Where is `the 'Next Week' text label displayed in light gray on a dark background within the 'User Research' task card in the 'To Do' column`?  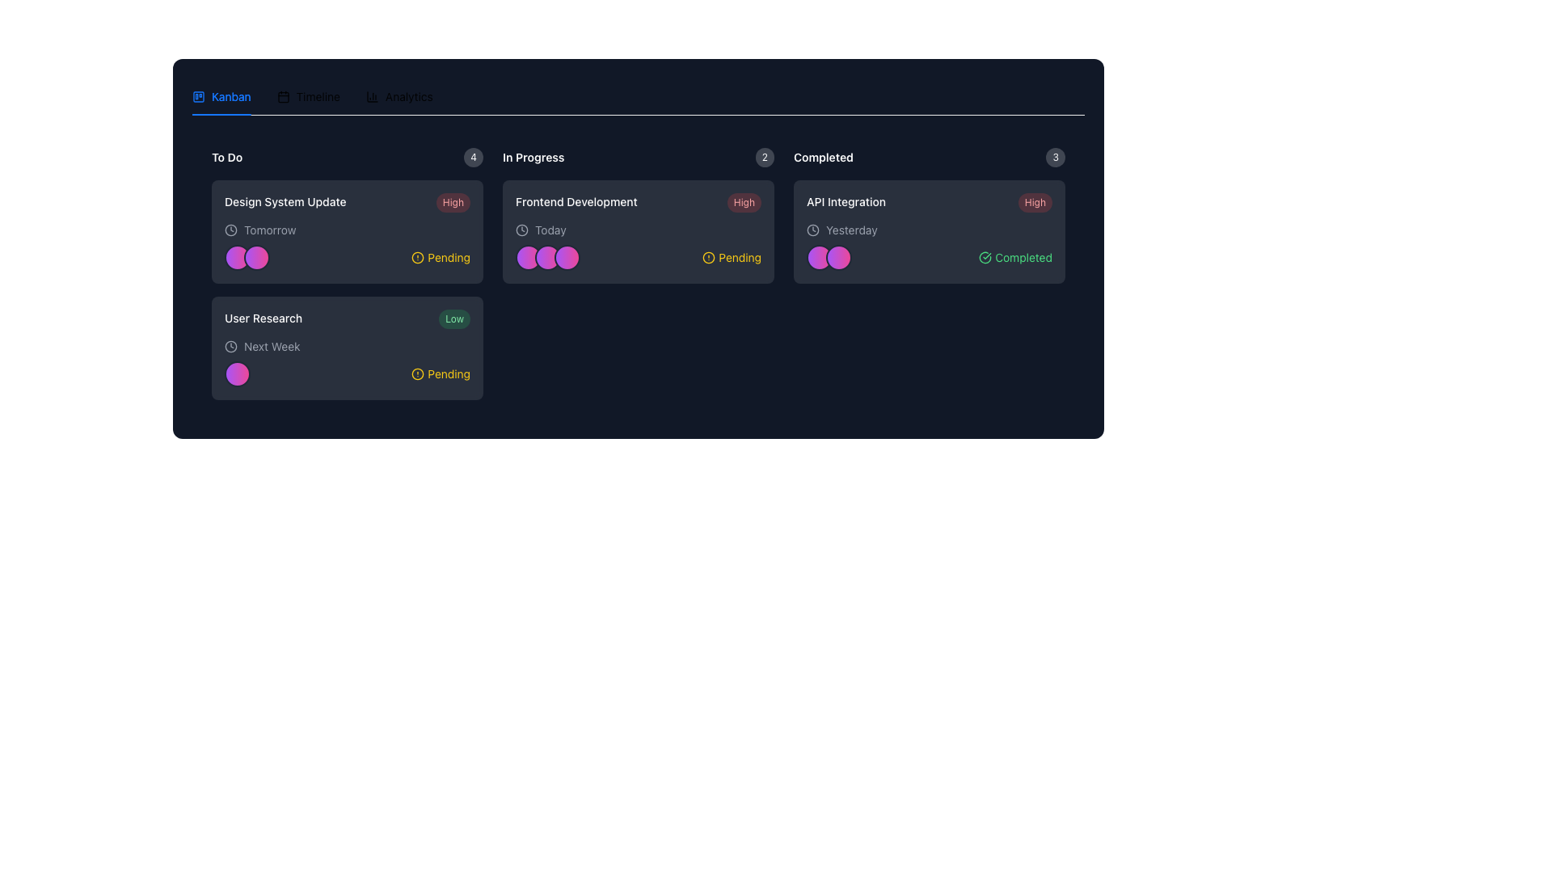
the 'Next Week' text label displayed in light gray on a dark background within the 'User Research' task card in the 'To Do' column is located at coordinates (272, 345).